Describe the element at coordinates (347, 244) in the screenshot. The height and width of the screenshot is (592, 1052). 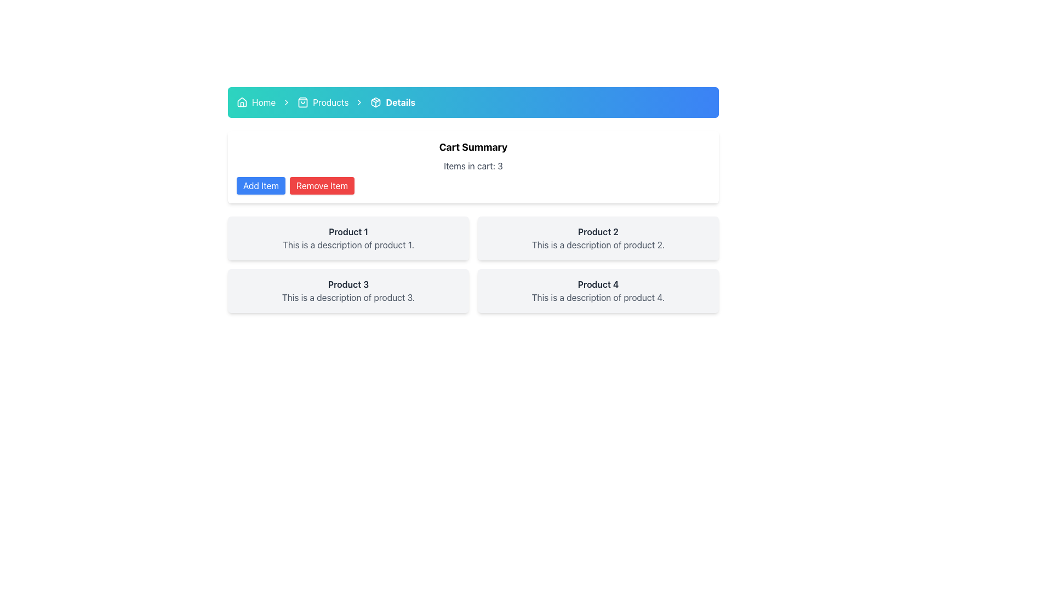
I see `the static text label that contains the description 'This is a description of product 1.' located below the header 'Product 1' within the first card of a 2x2 grid layout` at that location.